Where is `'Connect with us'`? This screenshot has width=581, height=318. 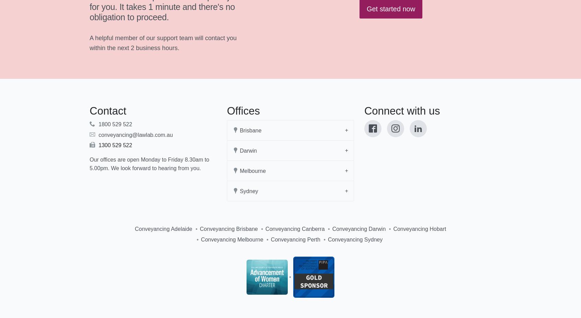 'Connect with us' is located at coordinates (401, 110).